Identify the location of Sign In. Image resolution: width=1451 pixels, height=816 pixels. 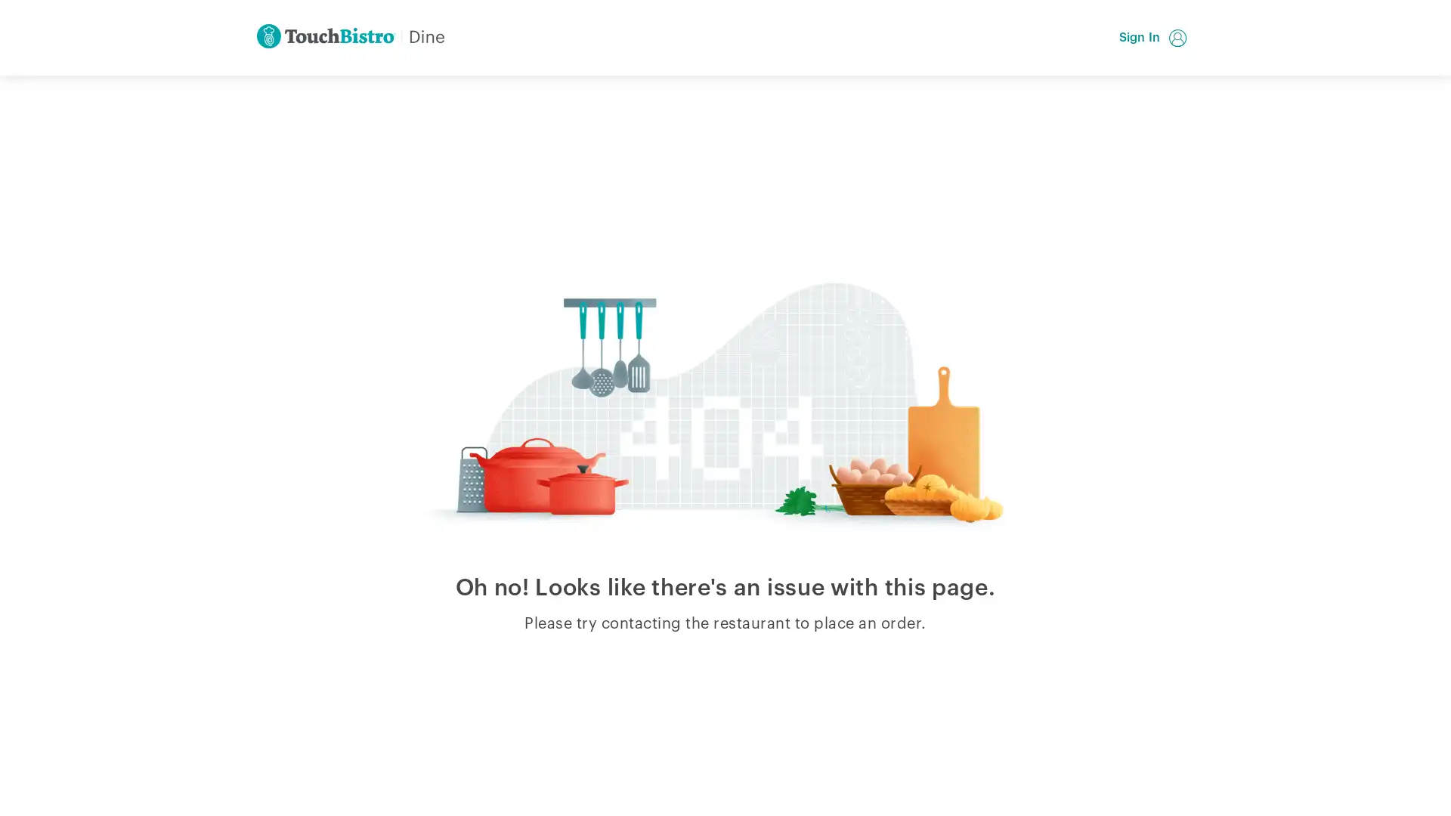
(1139, 37).